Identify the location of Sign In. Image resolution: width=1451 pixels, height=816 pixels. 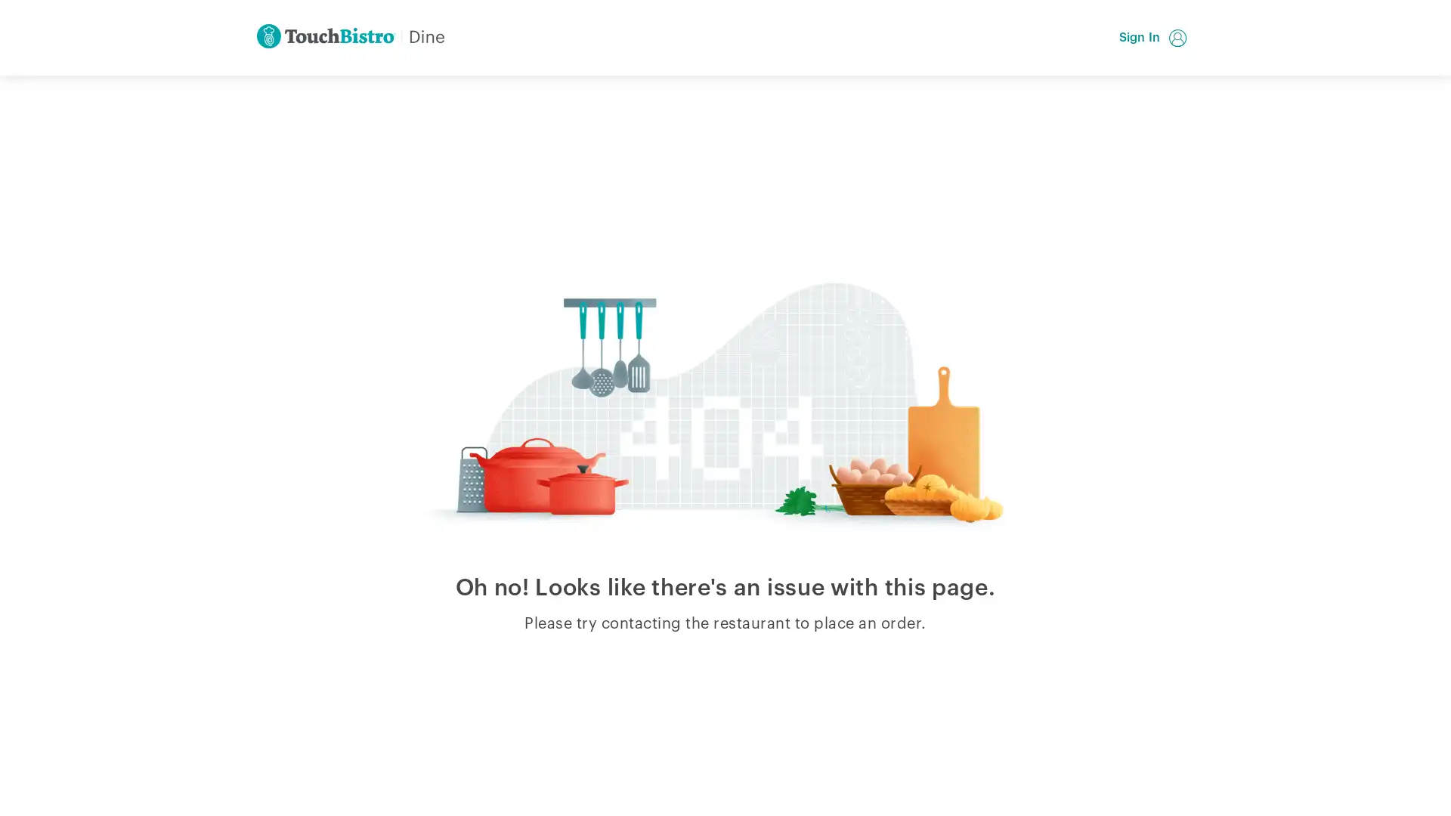
(1139, 37).